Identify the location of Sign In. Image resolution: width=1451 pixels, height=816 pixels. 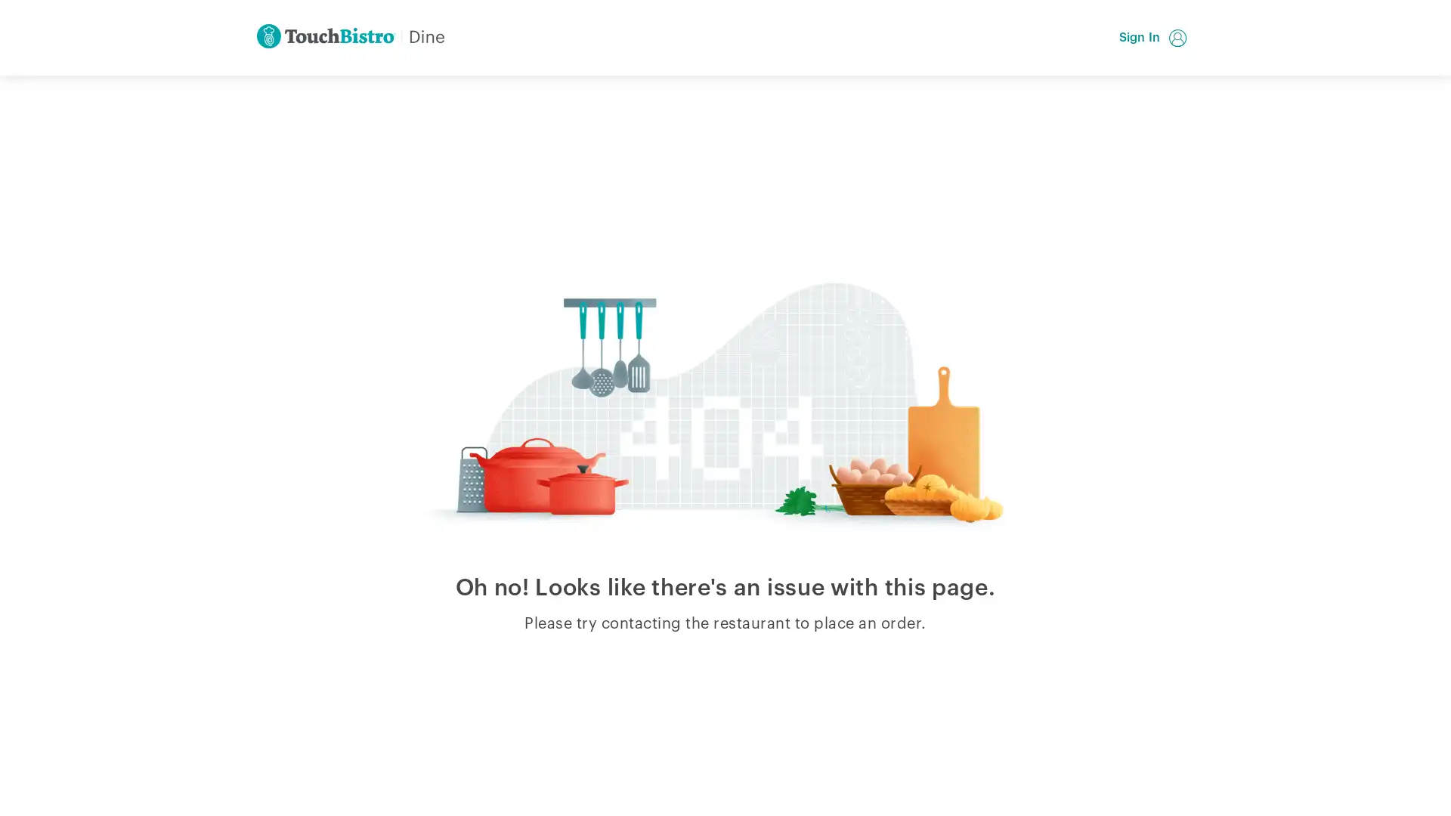
(1139, 37).